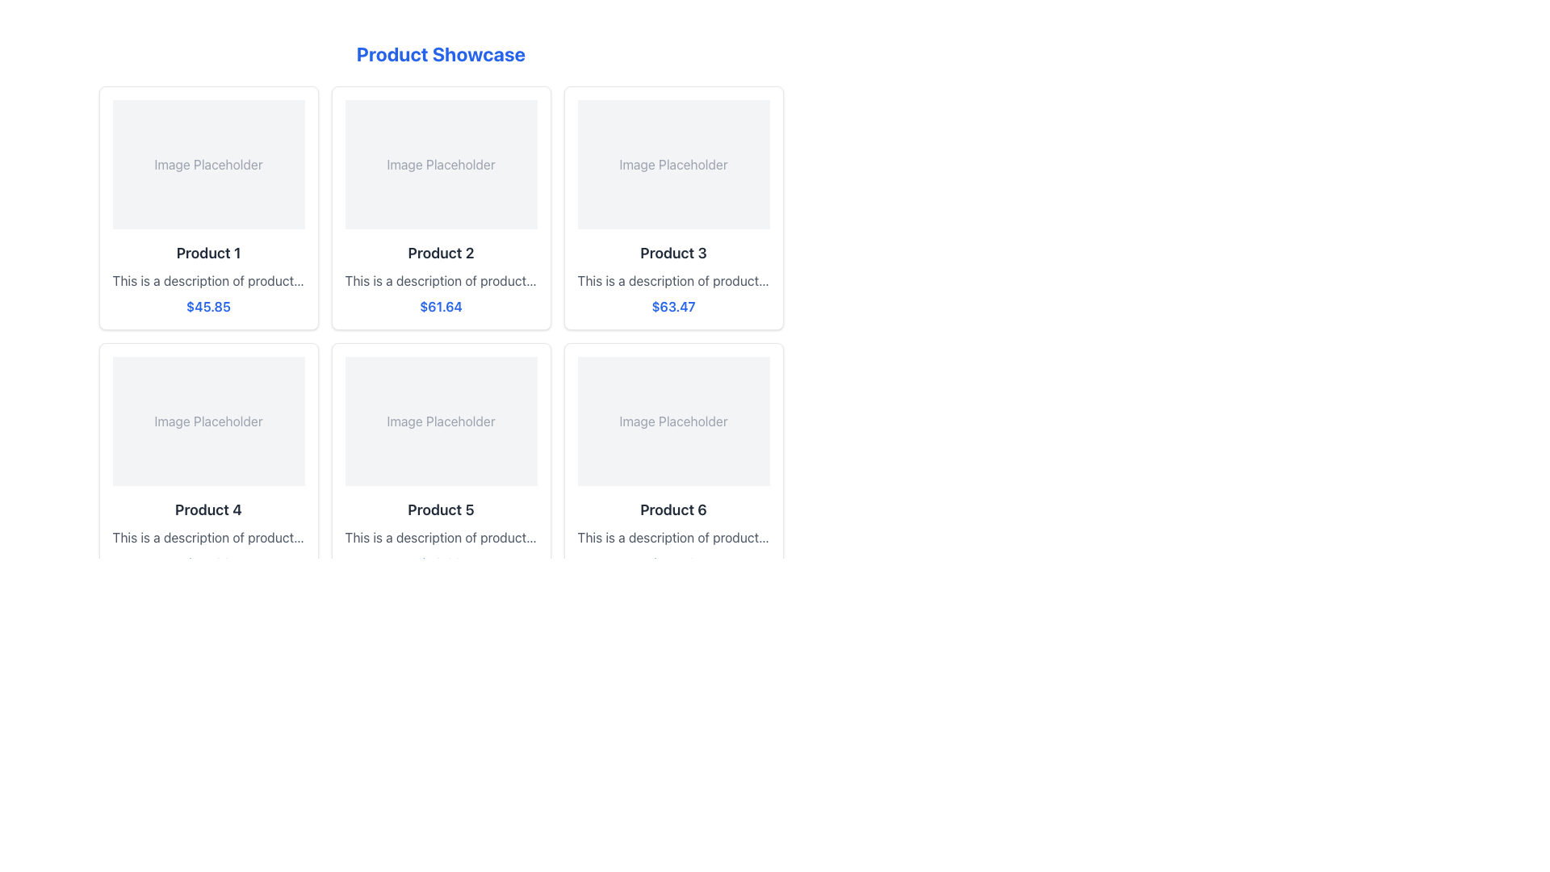 This screenshot has width=1550, height=872. What do you see at coordinates (207, 165) in the screenshot?
I see `the static text box labeled 'Image Placeholder' to trigger the display of a tooltip or information if linked` at bounding box center [207, 165].